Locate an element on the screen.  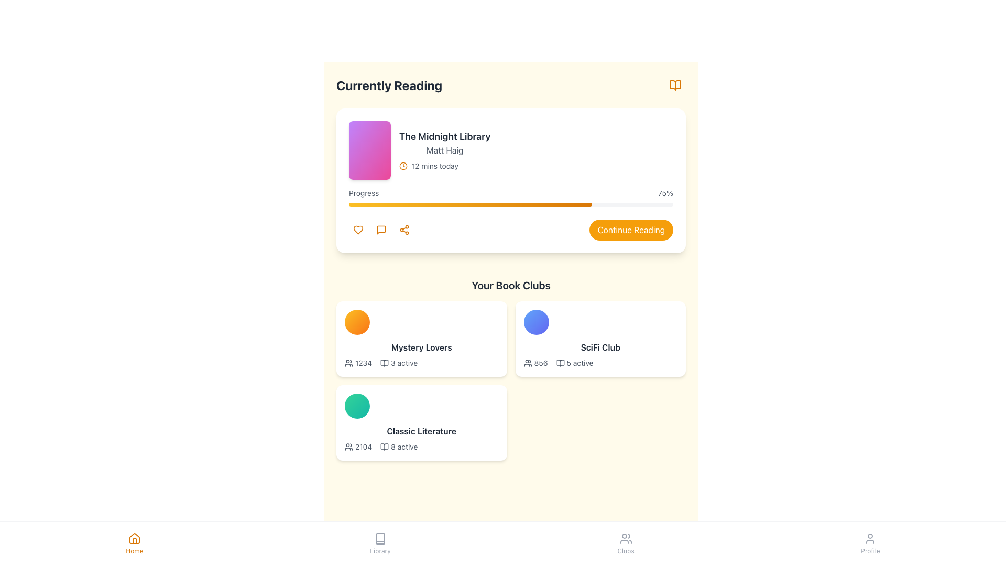
the text label displaying 'The Midnight Library', which is prominently positioned in the 'Currently Reading' section, above the author name and reading time is located at coordinates (445, 136).